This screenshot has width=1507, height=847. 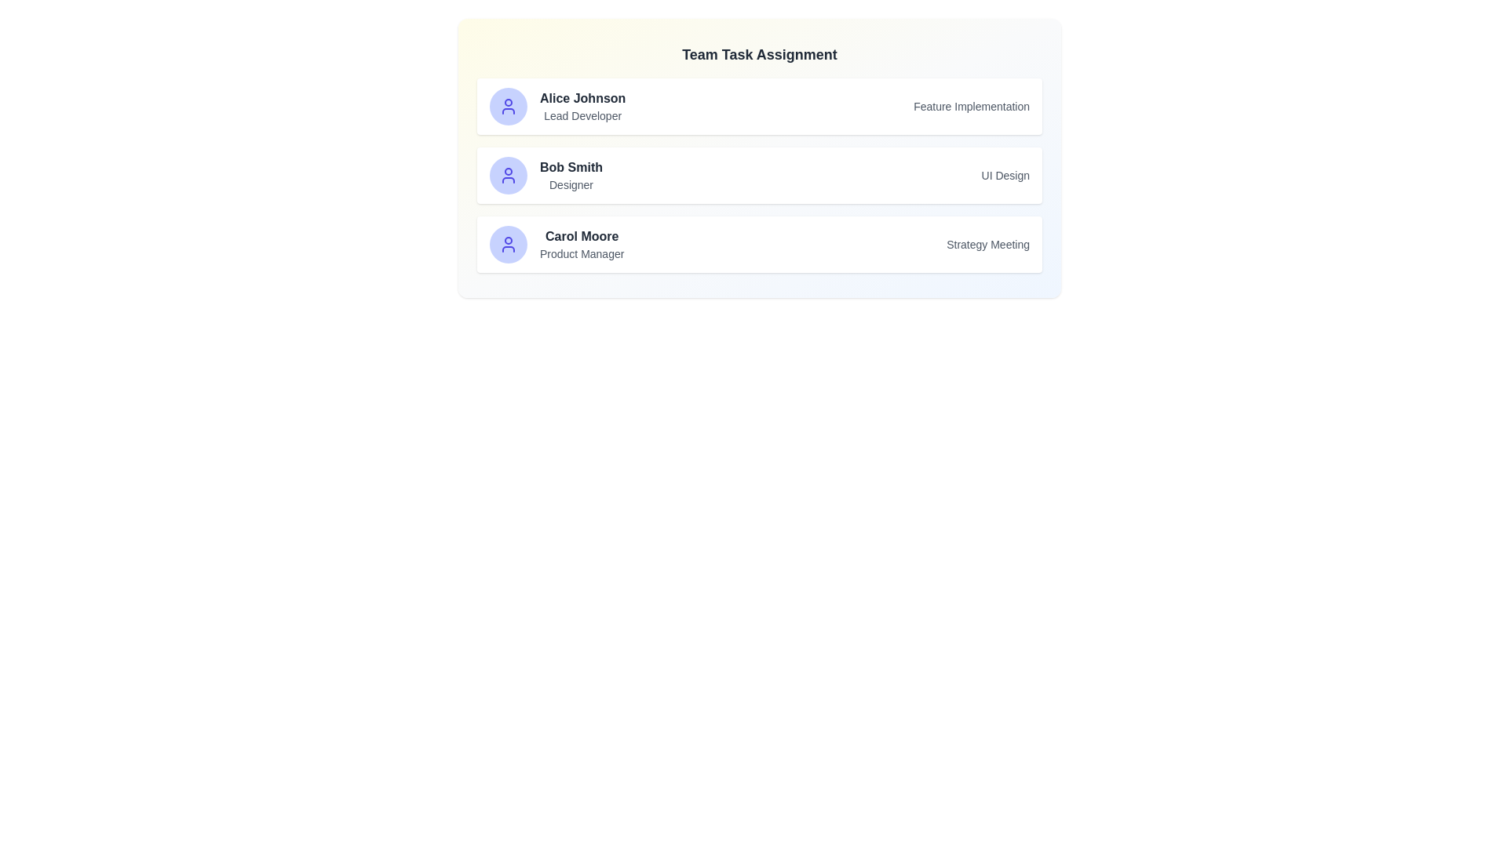 What do you see at coordinates (581, 236) in the screenshot?
I see `the text label displaying 'Carol Moore', which is located in the third row under 'Team Task Assignment'` at bounding box center [581, 236].